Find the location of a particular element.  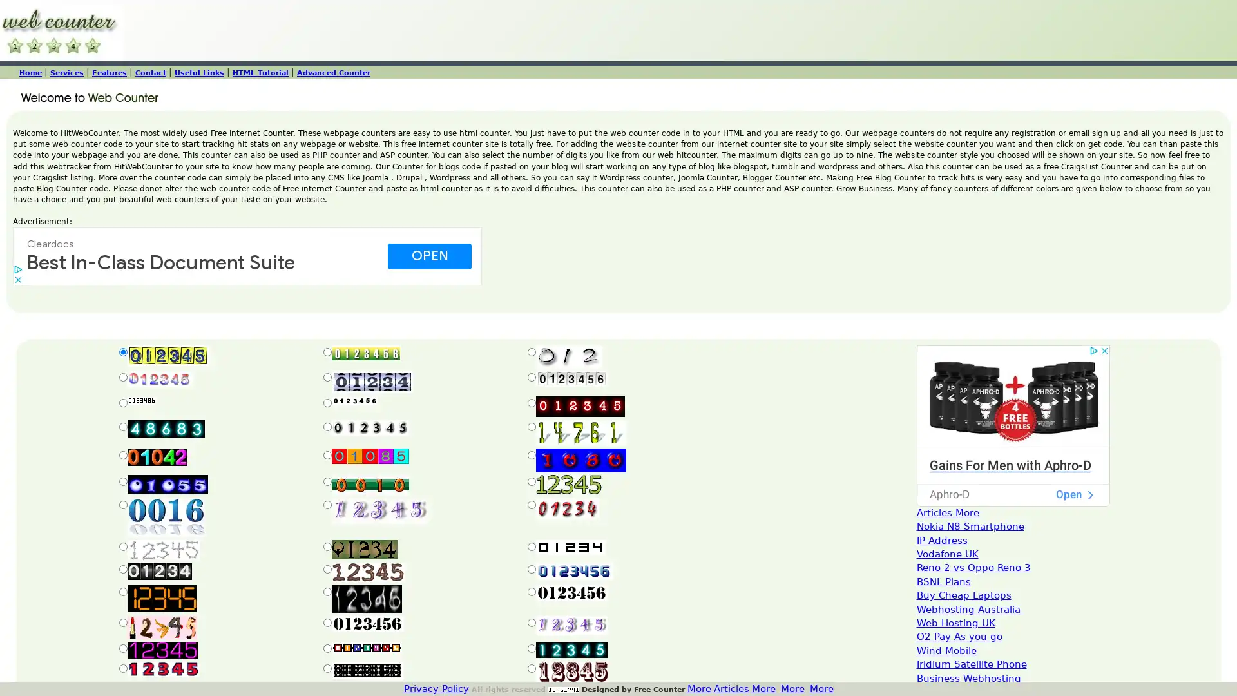

Submit is located at coordinates (167, 485).